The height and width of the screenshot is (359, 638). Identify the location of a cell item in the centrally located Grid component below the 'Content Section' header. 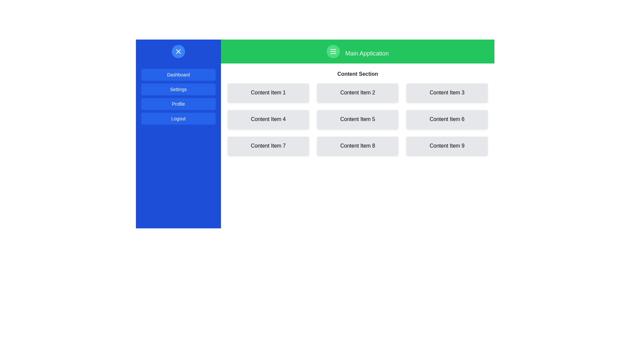
(357, 119).